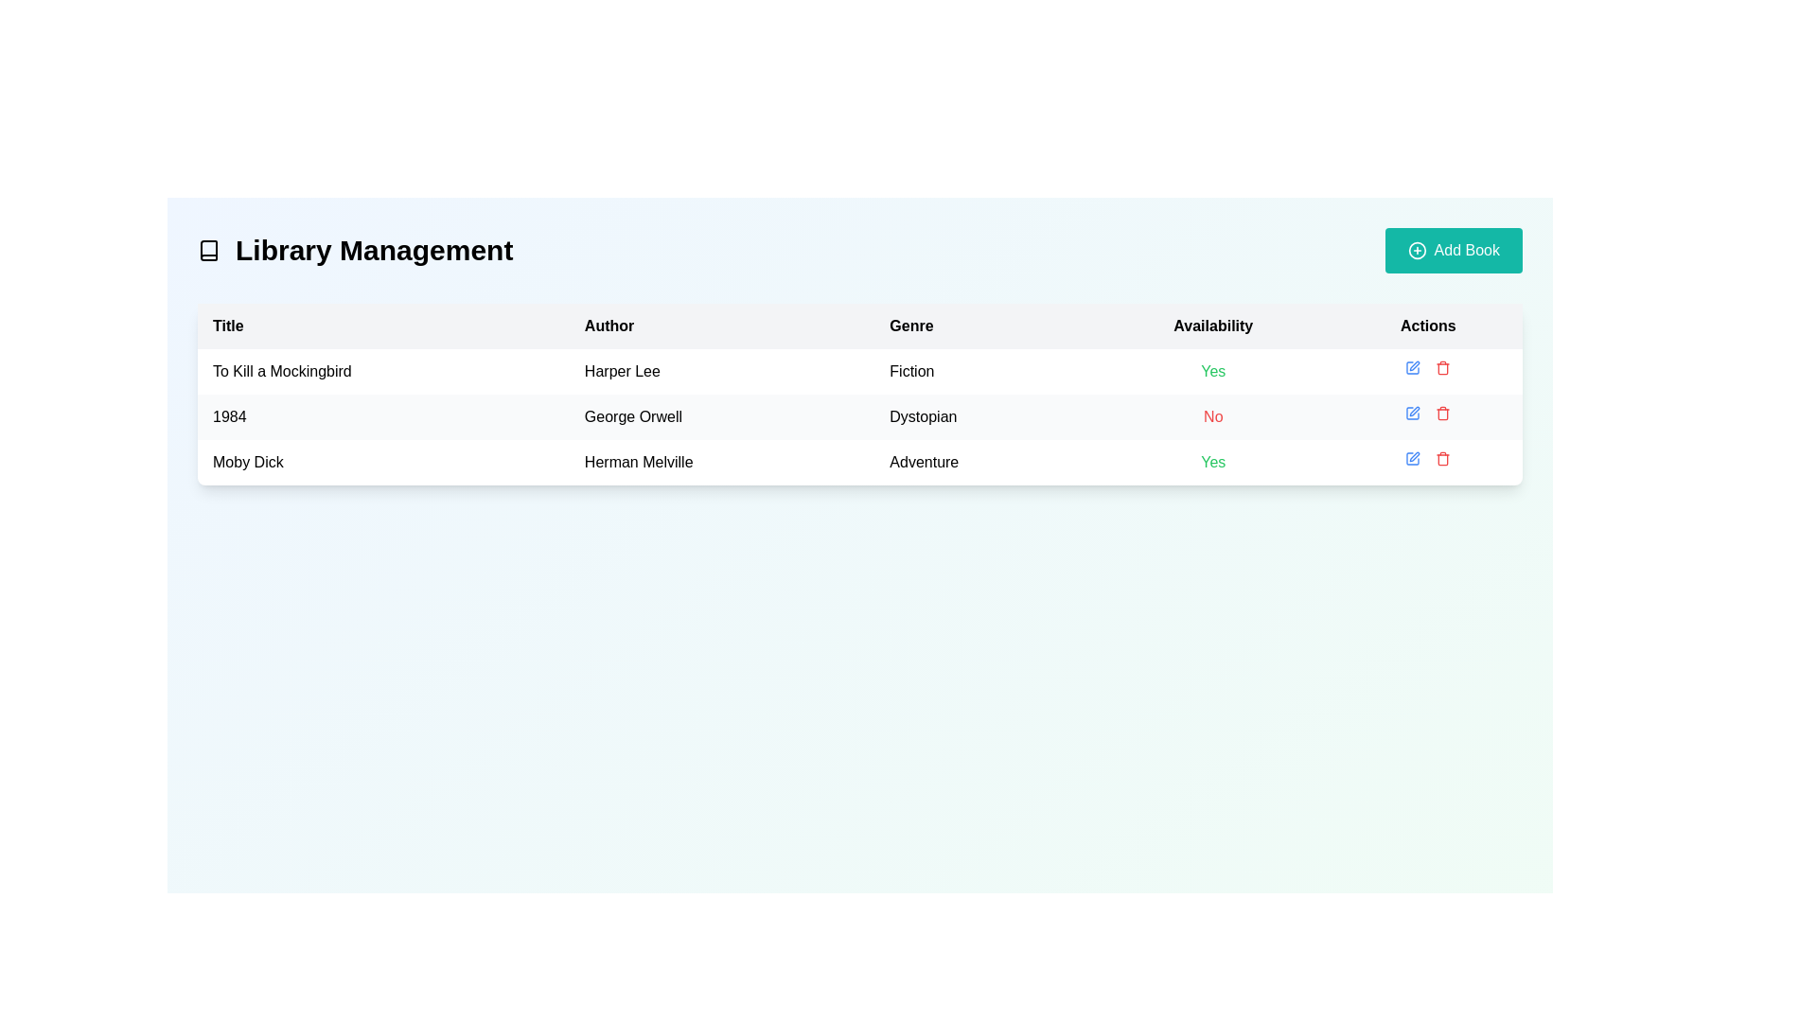 The image size is (1817, 1022). I want to click on the blue edit icon in the actions section of the row containing the book '1984' by 'George Orwell' to modify the entry, so click(1428, 412).